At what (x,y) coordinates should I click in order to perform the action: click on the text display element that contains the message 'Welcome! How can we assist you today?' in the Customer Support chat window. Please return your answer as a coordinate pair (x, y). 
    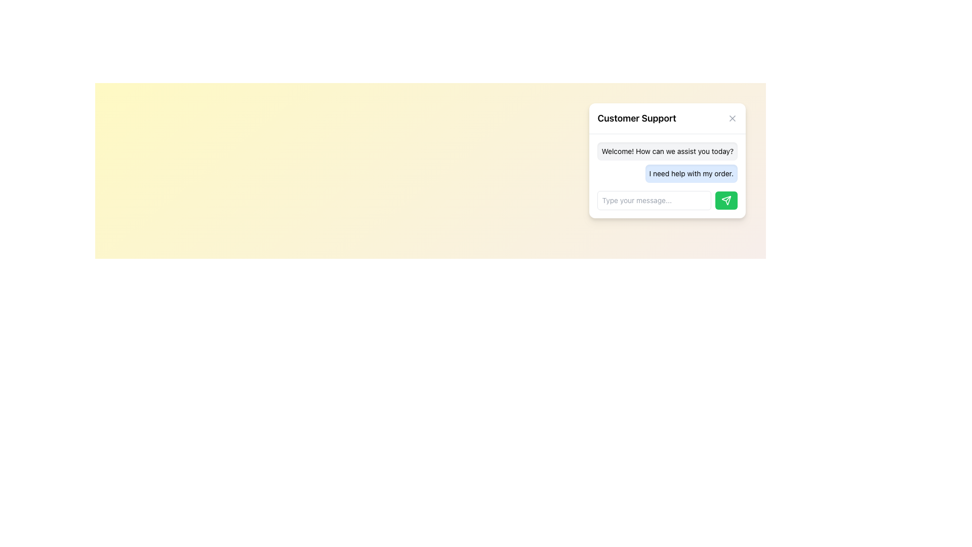
    Looking at the image, I should click on (667, 151).